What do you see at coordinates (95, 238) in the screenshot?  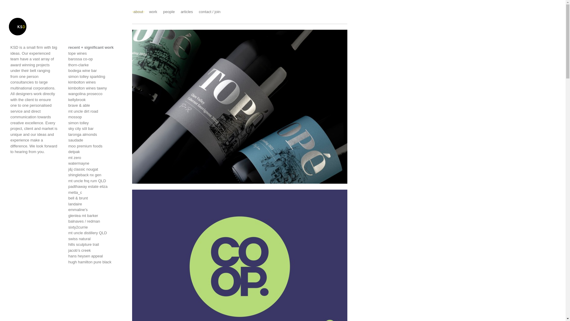 I see `'swiss natural'` at bounding box center [95, 238].